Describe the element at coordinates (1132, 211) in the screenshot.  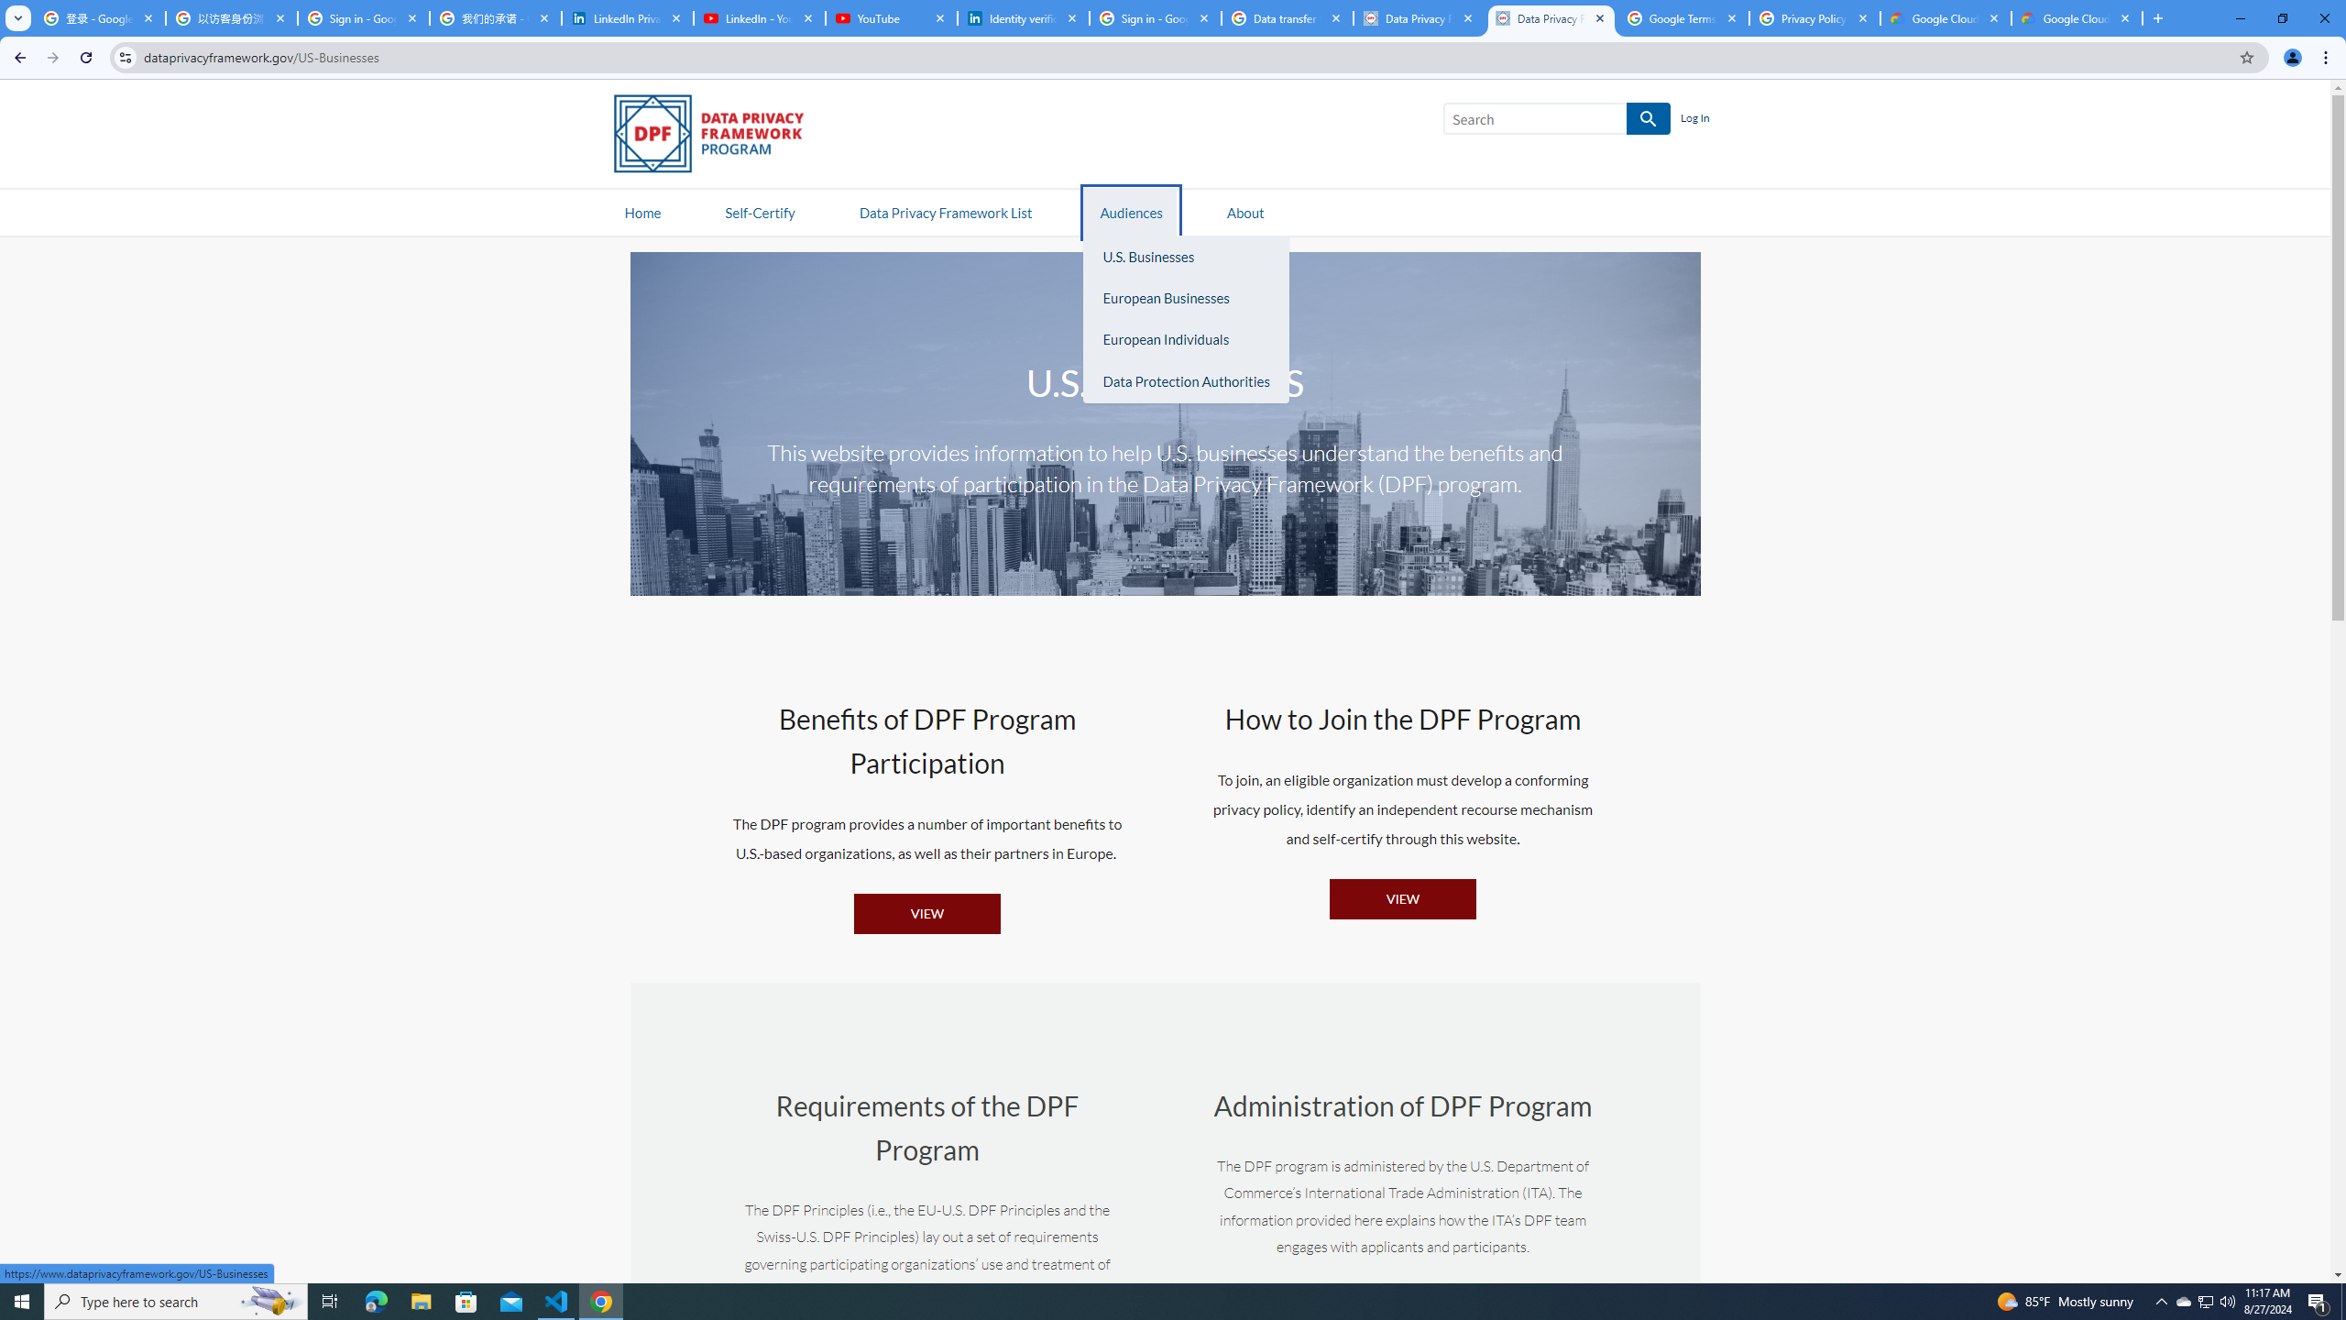
I see `'Audiences'` at that location.